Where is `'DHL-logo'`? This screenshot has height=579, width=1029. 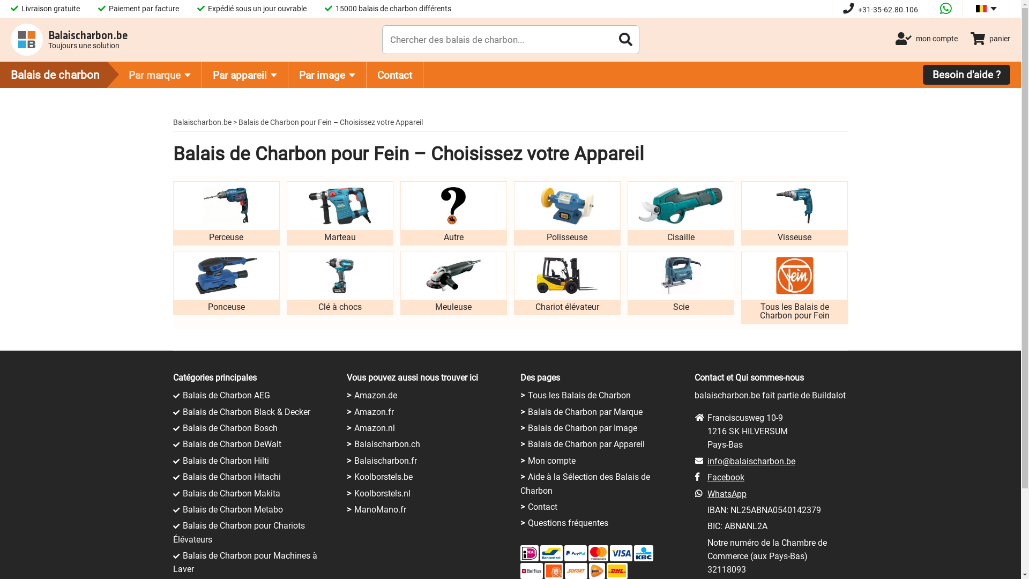
'DHL-logo' is located at coordinates (607, 570).